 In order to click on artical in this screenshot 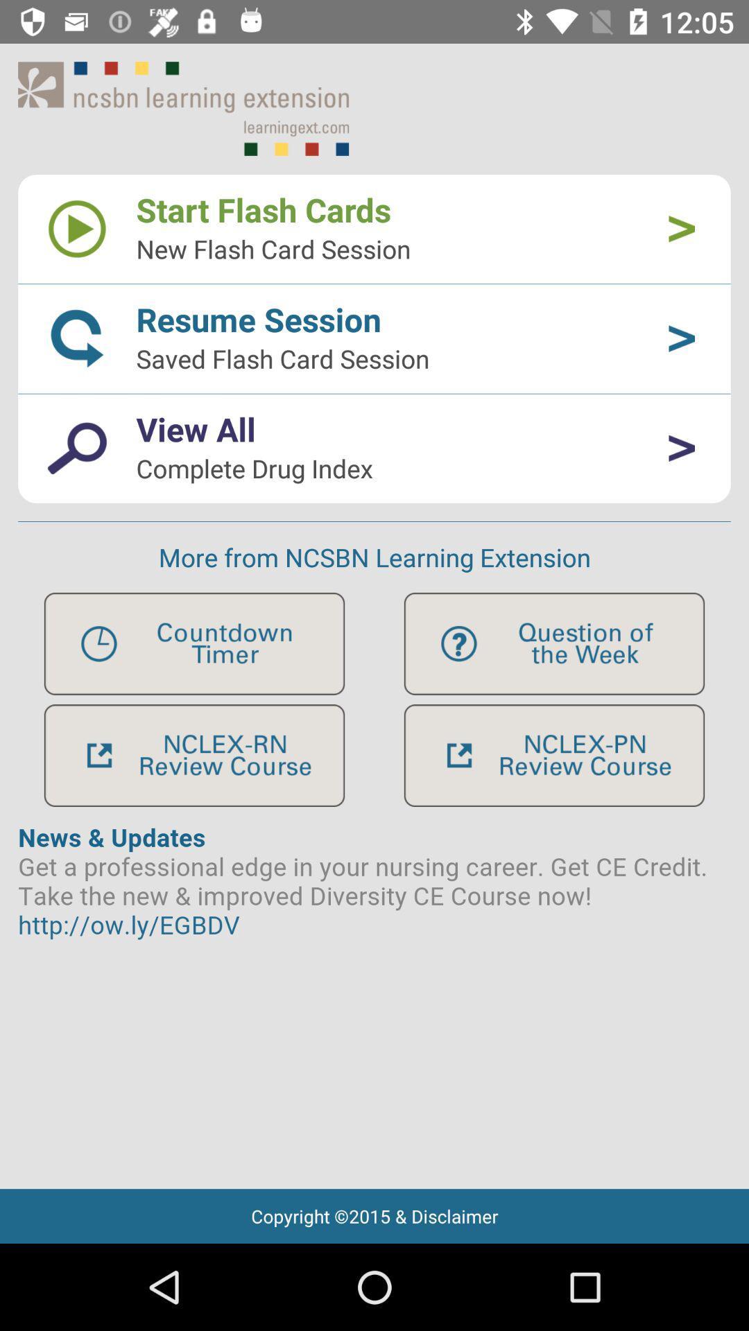, I will do `click(374, 997)`.